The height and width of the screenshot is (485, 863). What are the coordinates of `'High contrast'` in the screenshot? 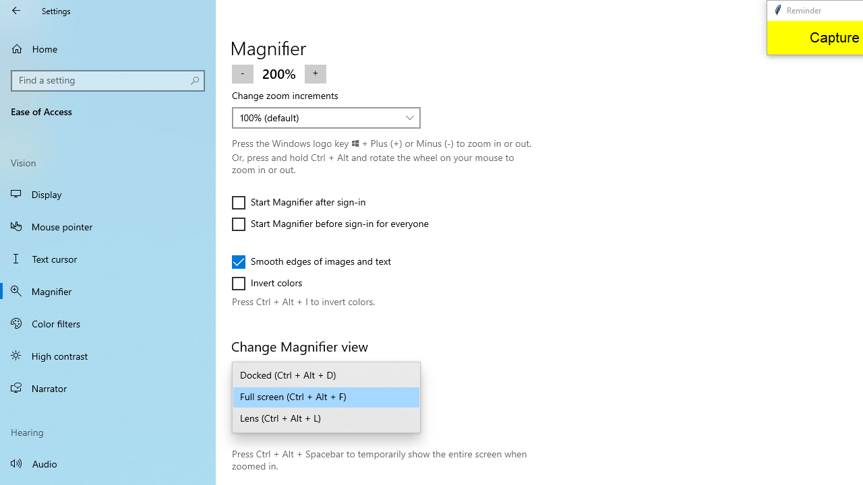 It's located at (108, 355).